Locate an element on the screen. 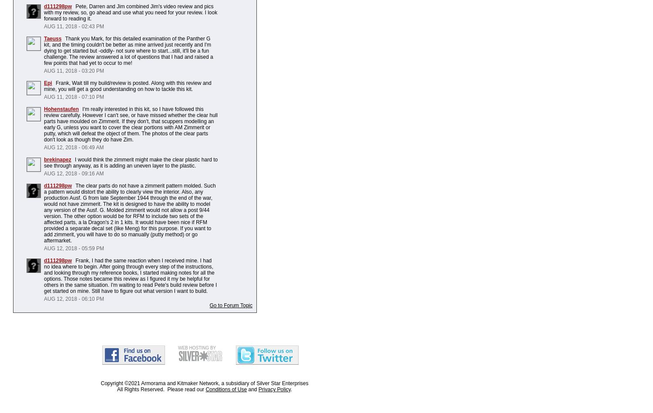 The image size is (653, 413). 'Frank,
I had the same reaction when I received mine. I had no idea where to begin. After going through every step of the instructions, and looking through my reference books, I started making notes for all the options. Those notes became this review as I figured it my be helpful for others in the same situation.

I'm waiting to read Pete's build review before I get started on mine. Still have to figure out what version I want to build.' is located at coordinates (43, 276).